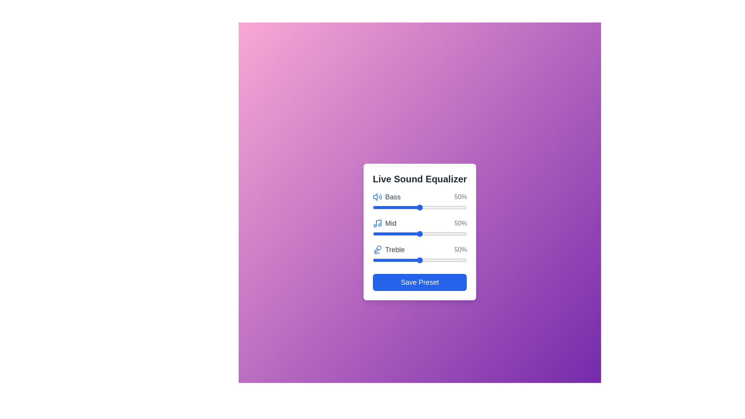 The height and width of the screenshot is (419, 745). What do you see at coordinates (456, 260) in the screenshot?
I see `the Treble slider to 89%` at bounding box center [456, 260].